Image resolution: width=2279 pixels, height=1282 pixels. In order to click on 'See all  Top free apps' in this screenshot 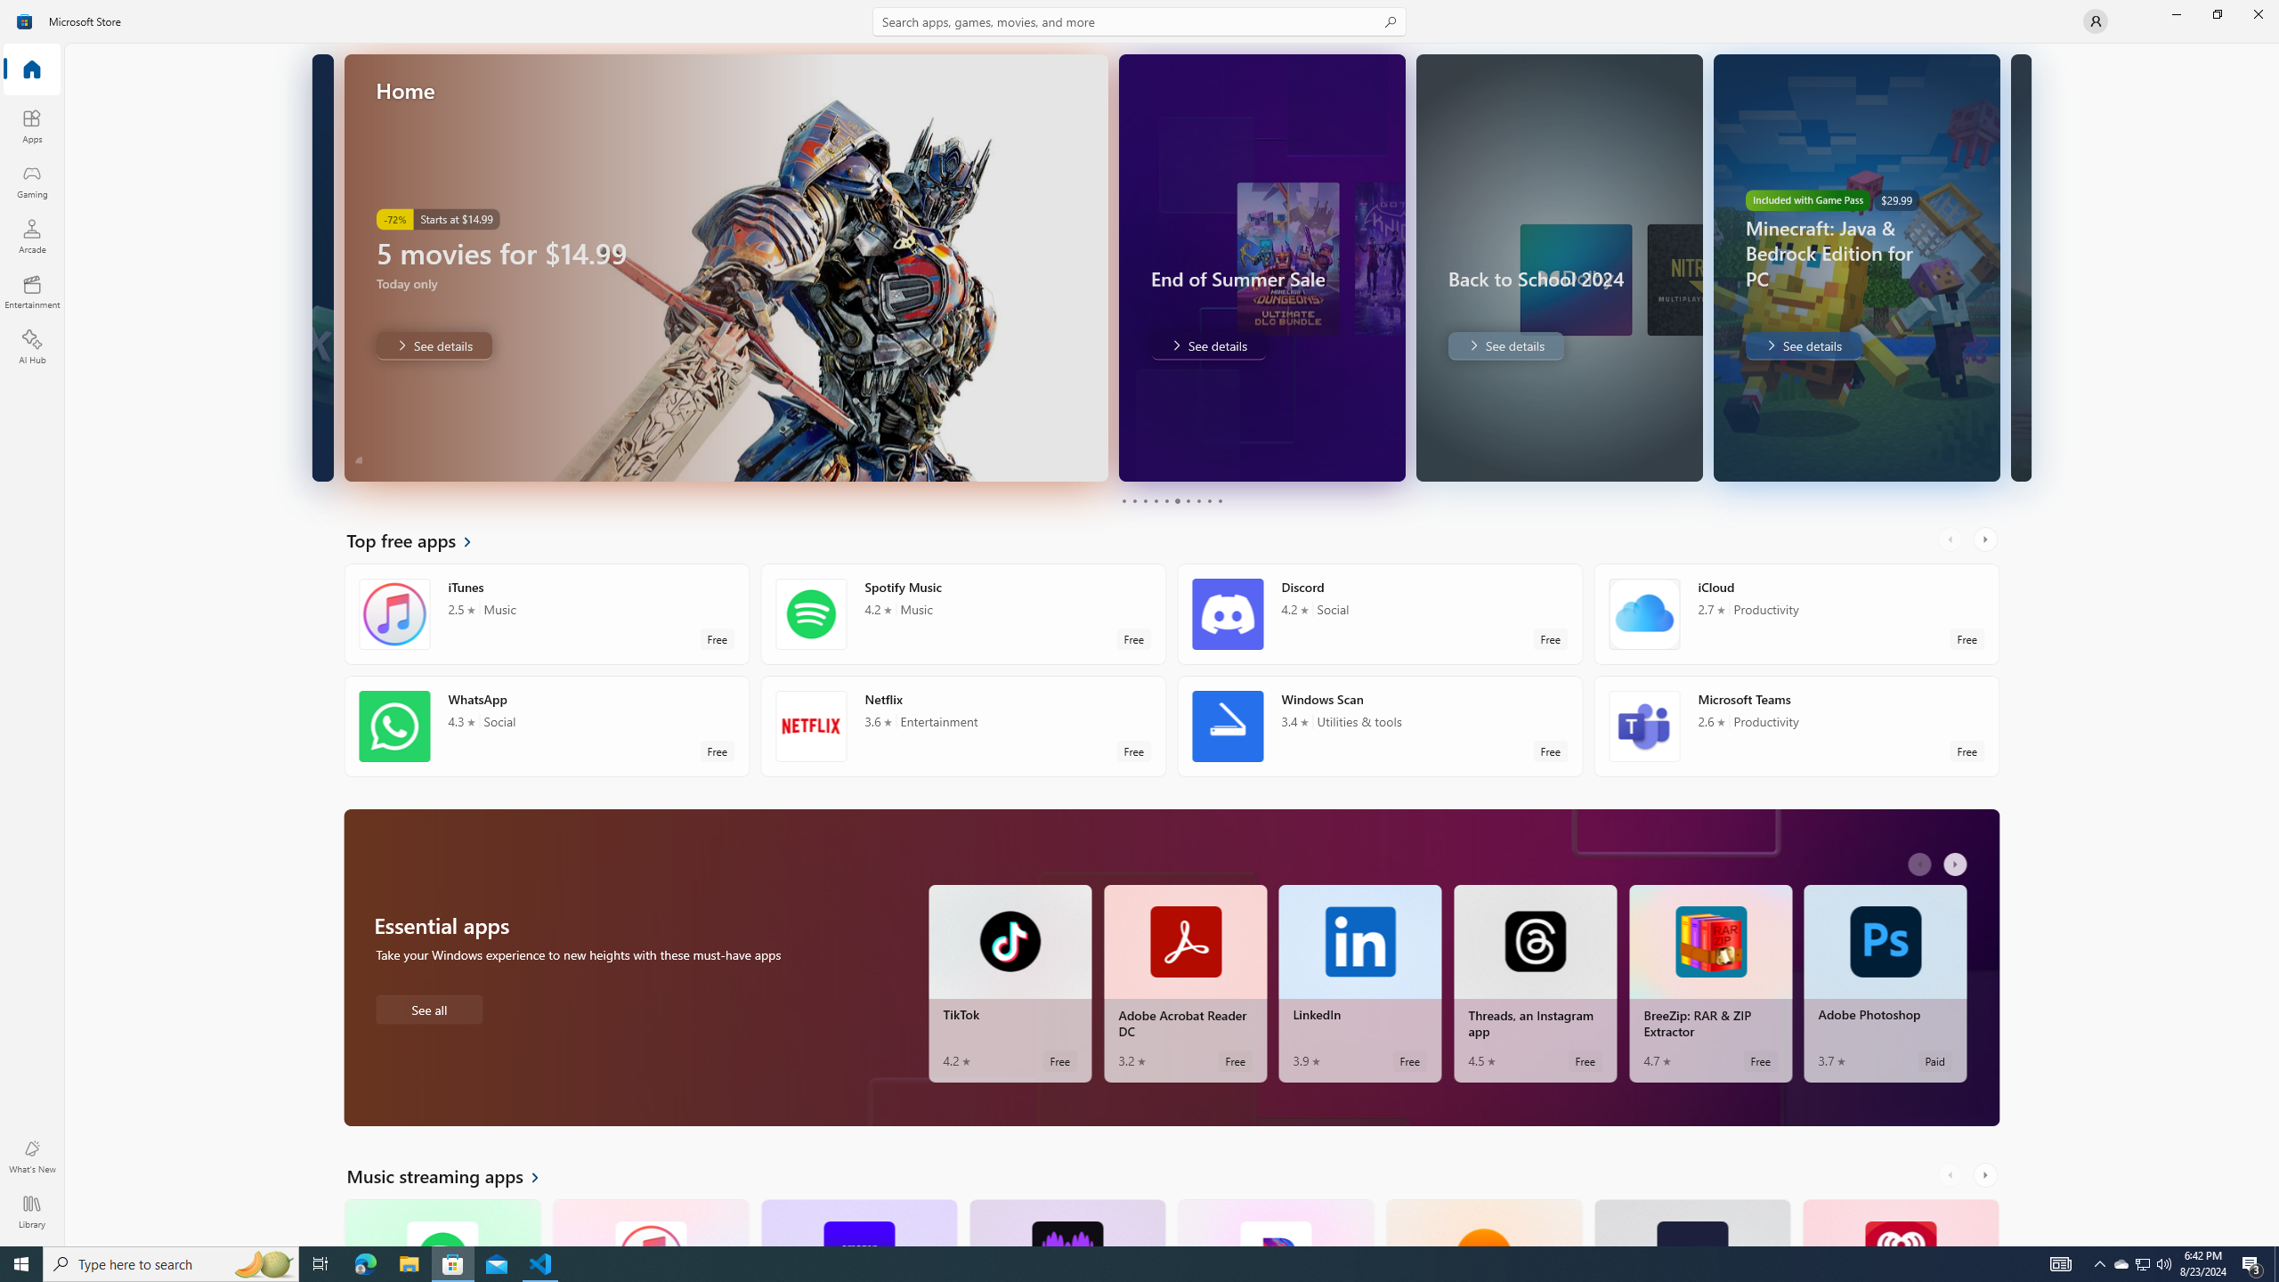, I will do `click(420, 539)`.